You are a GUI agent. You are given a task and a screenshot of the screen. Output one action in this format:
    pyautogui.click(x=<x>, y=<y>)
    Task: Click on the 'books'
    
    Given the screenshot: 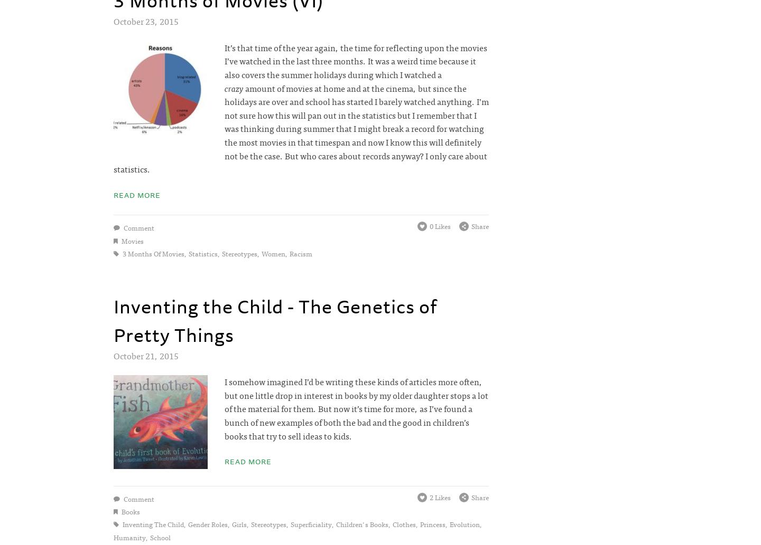 What is the action you would take?
    pyautogui.click(x=120, y=511)
    